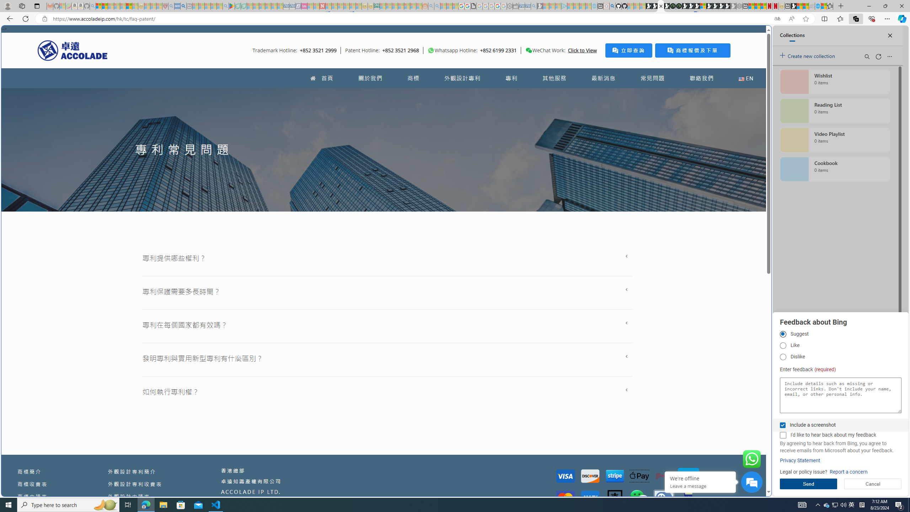 The height and width of the screenshot is (512, 910). What do you see at coordinates (817, 6) in the screenshot?
I see `'Services - Maintenance | Sky Blue Bikes - Sky Blue Bikes'` at bounding box center [817, 6].